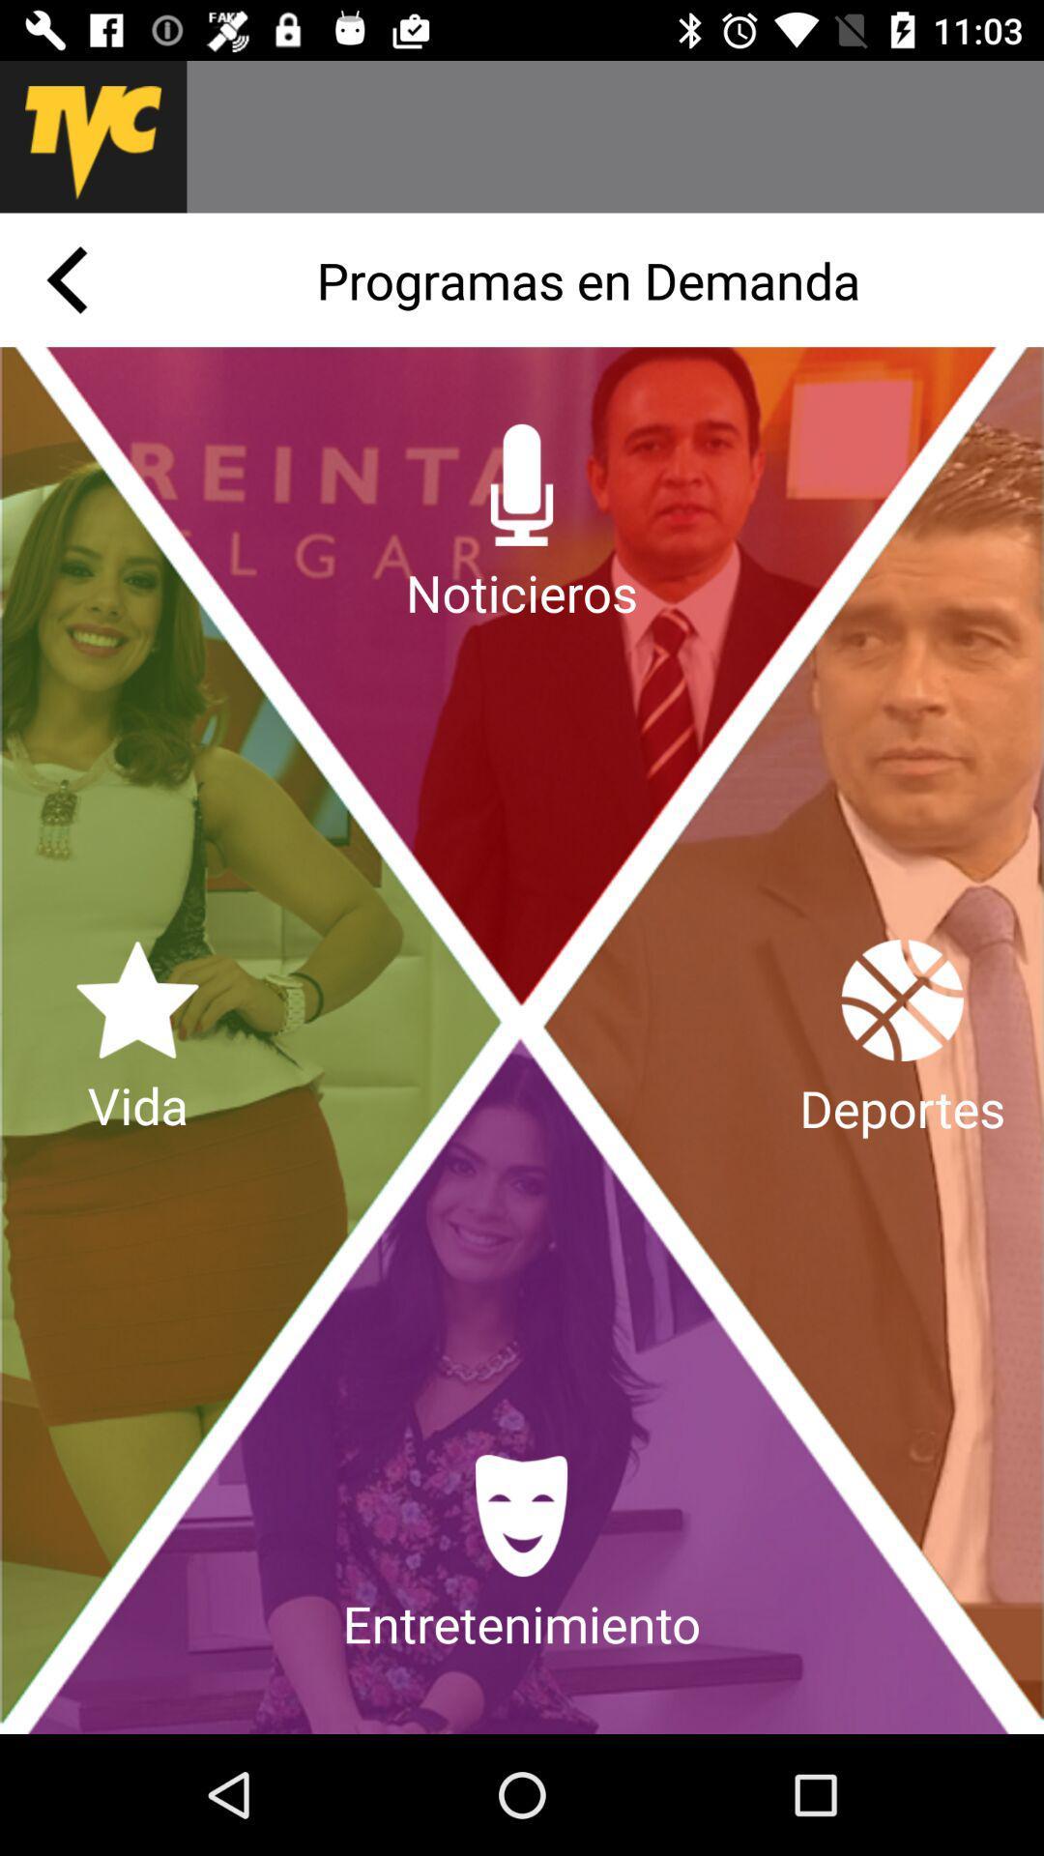  Describe the element at coordinates (136, 1039) in the screenshot. I see `app to the left of the deportes item` at that location.